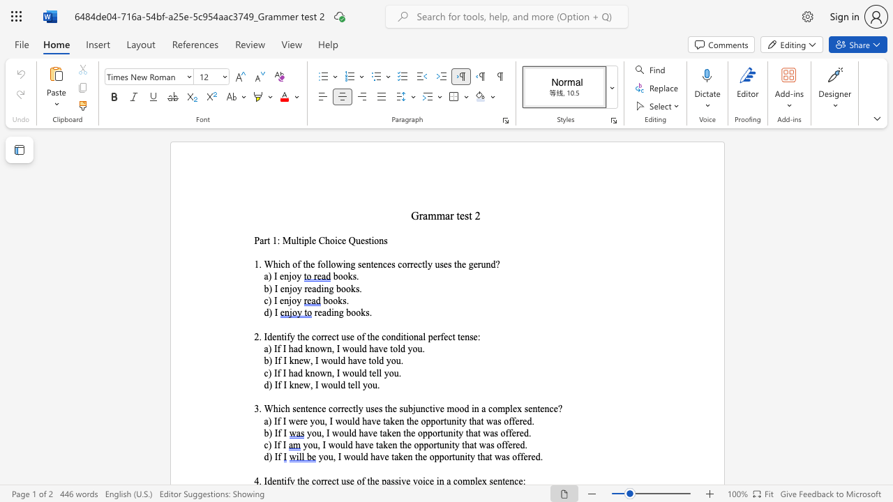  I want to click on the subset text "was offered." within the text "you, I would have taken the opportunity that was offered.", so click(483, 432).